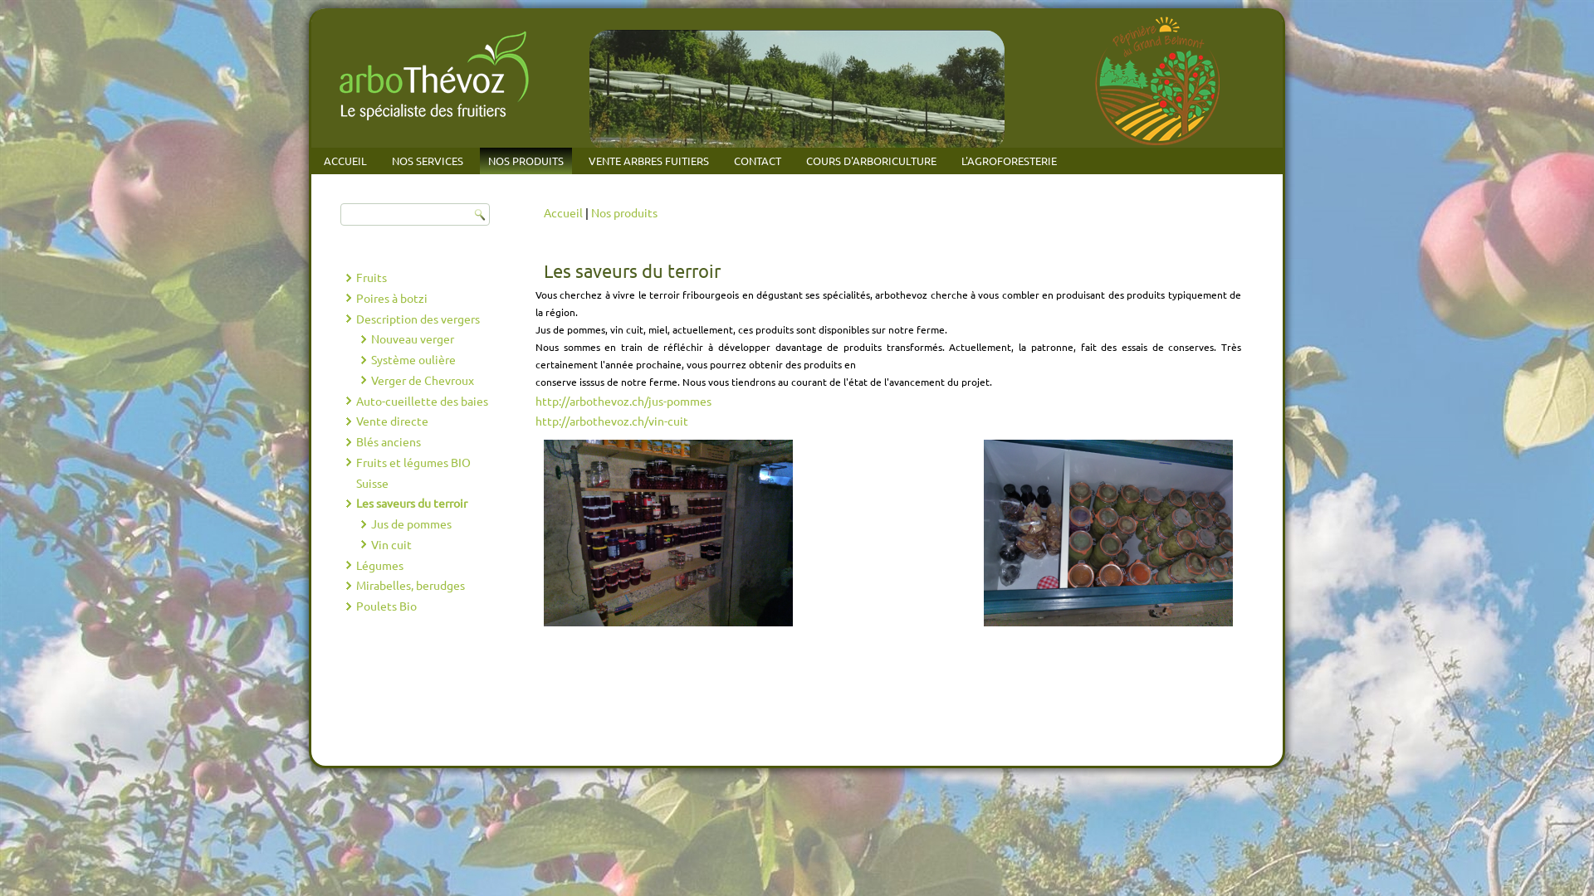 The image size is (1594, 896). Describe the element at coordinates (417, 317) in the screenshot. I see `'Description des vergers'` at that location.